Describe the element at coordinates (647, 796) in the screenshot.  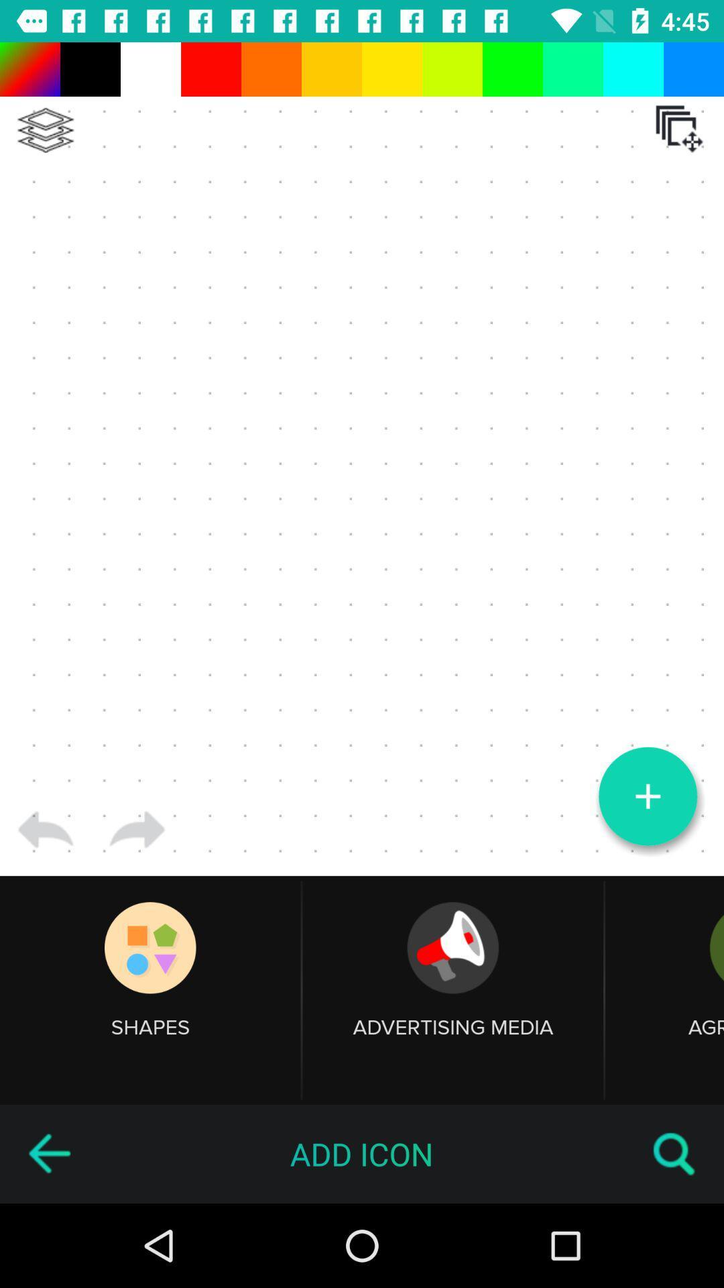
I see `button` at that location.